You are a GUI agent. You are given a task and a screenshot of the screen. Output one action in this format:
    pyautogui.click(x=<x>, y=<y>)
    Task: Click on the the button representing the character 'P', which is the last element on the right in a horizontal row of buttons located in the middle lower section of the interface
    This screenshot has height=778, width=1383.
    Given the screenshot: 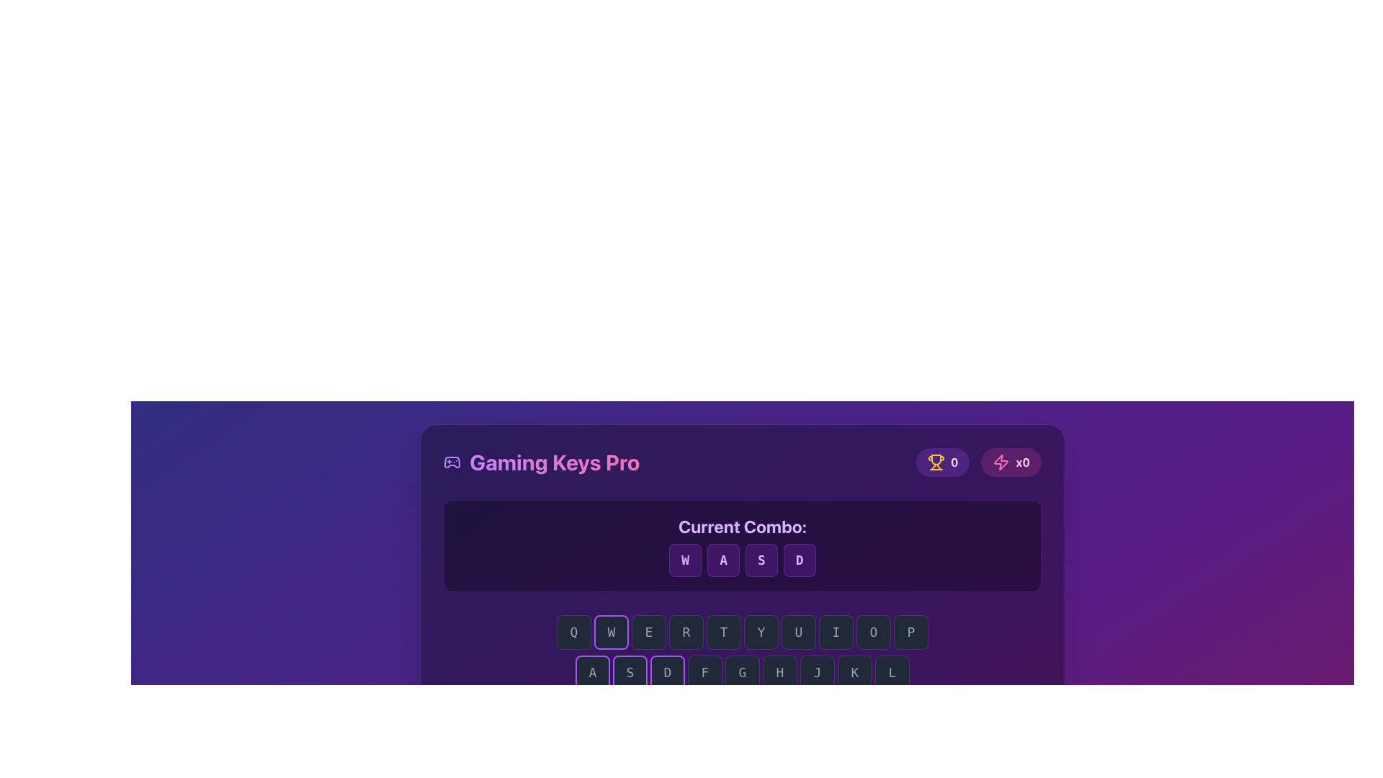 What is the action you would take?
    pyautogui.click(x=910, y=632)
    